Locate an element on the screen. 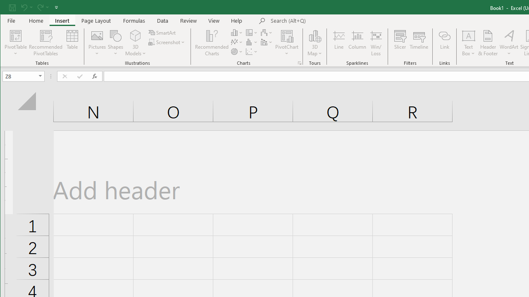 Image resolution: width=529 pixels, height=297 pixels. 'Table' is located at coordinates (72, 43).